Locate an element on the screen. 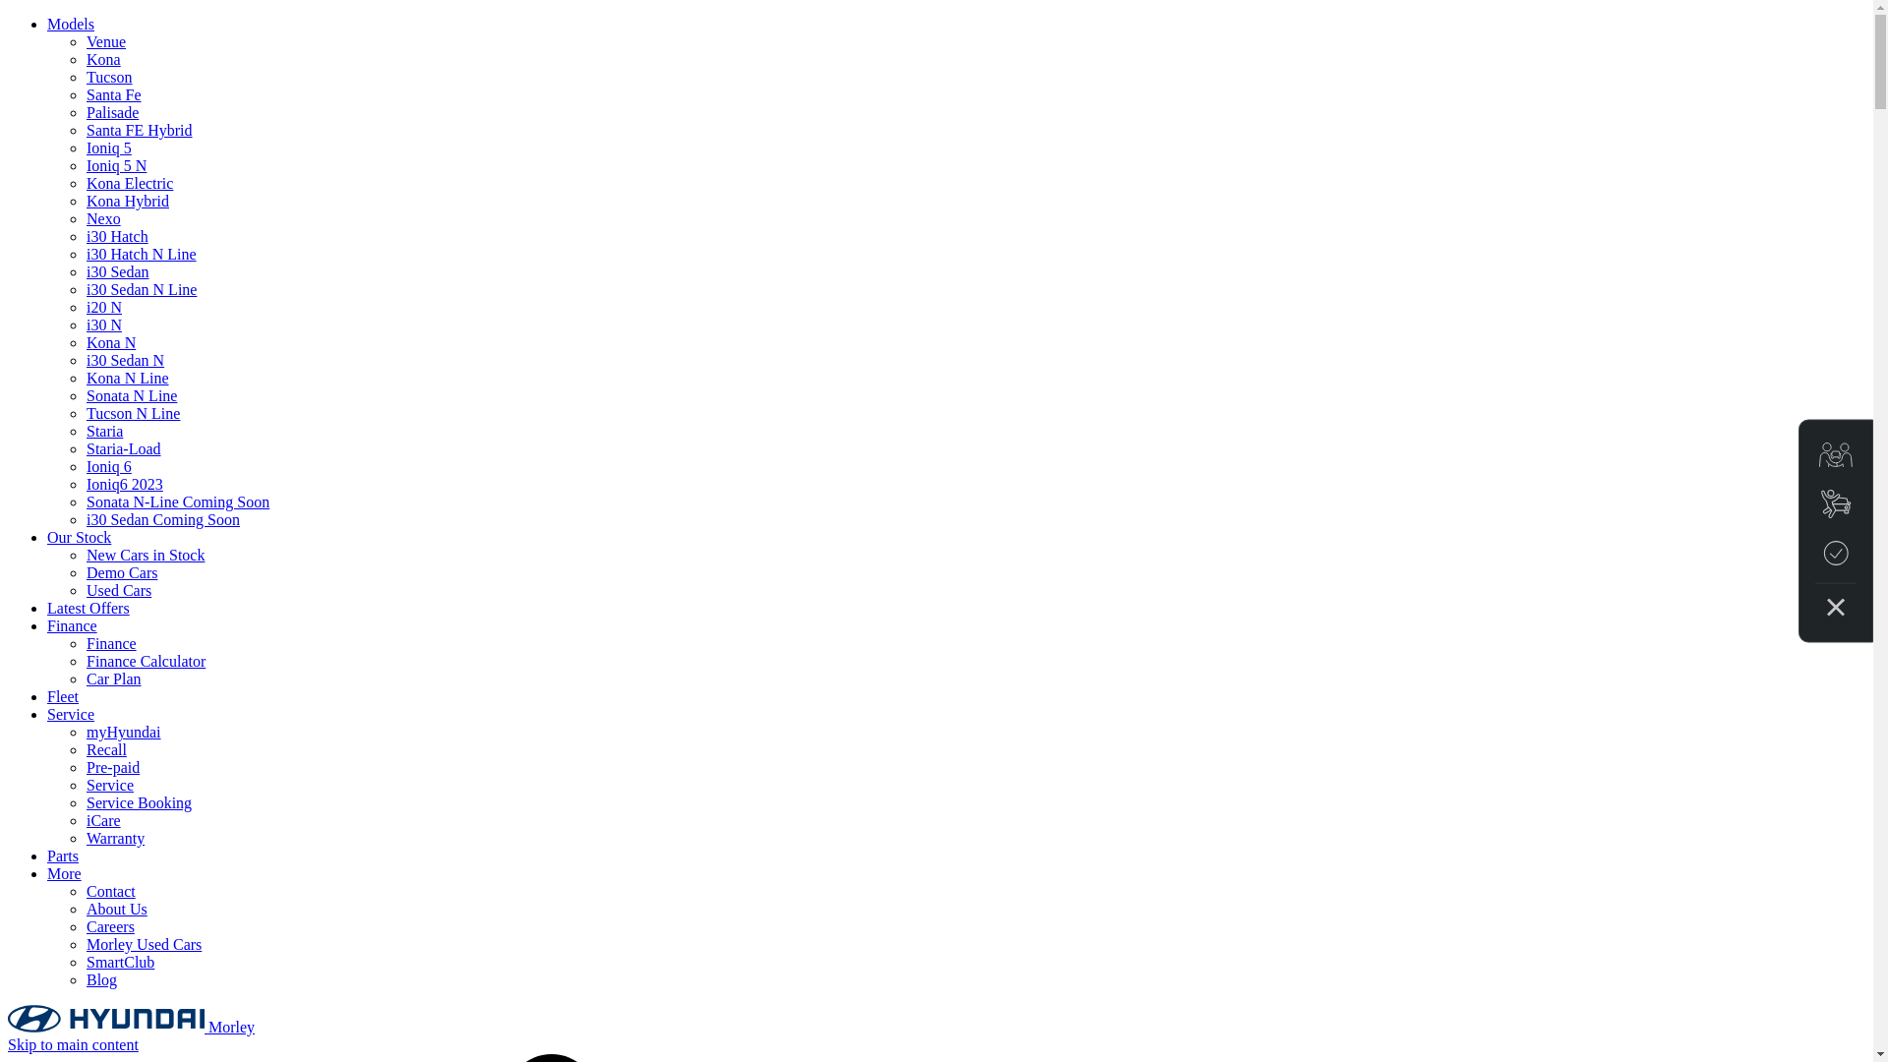  'Blog' is located at coordinates (100, 979).